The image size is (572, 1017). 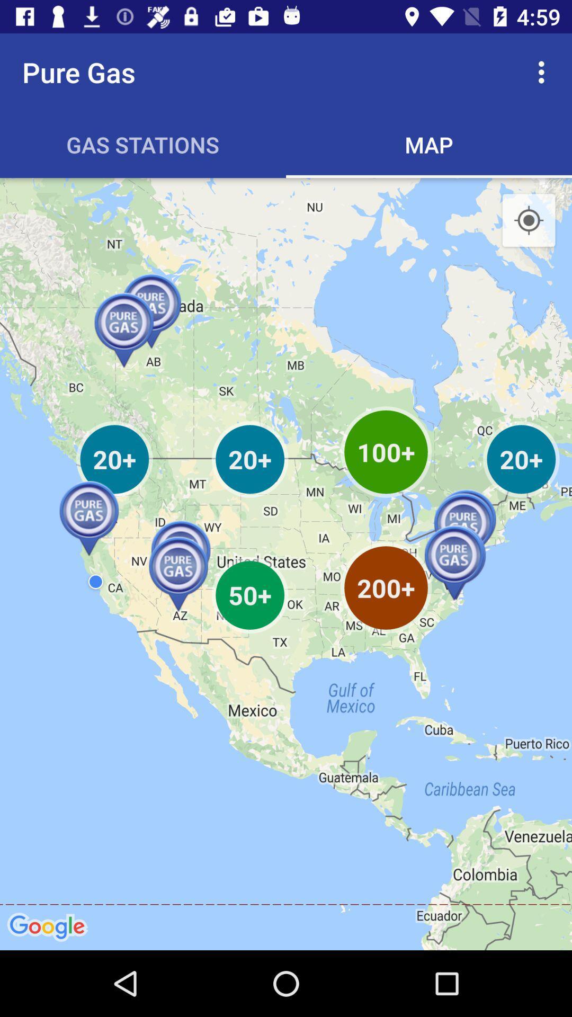 I want to click on the item next to pure gas app, so click(x=544, y=72).